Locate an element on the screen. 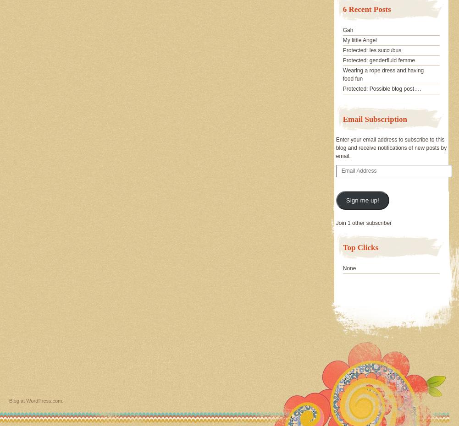  'Blog at WordPress.com.' is located at coordinates (35, 400).